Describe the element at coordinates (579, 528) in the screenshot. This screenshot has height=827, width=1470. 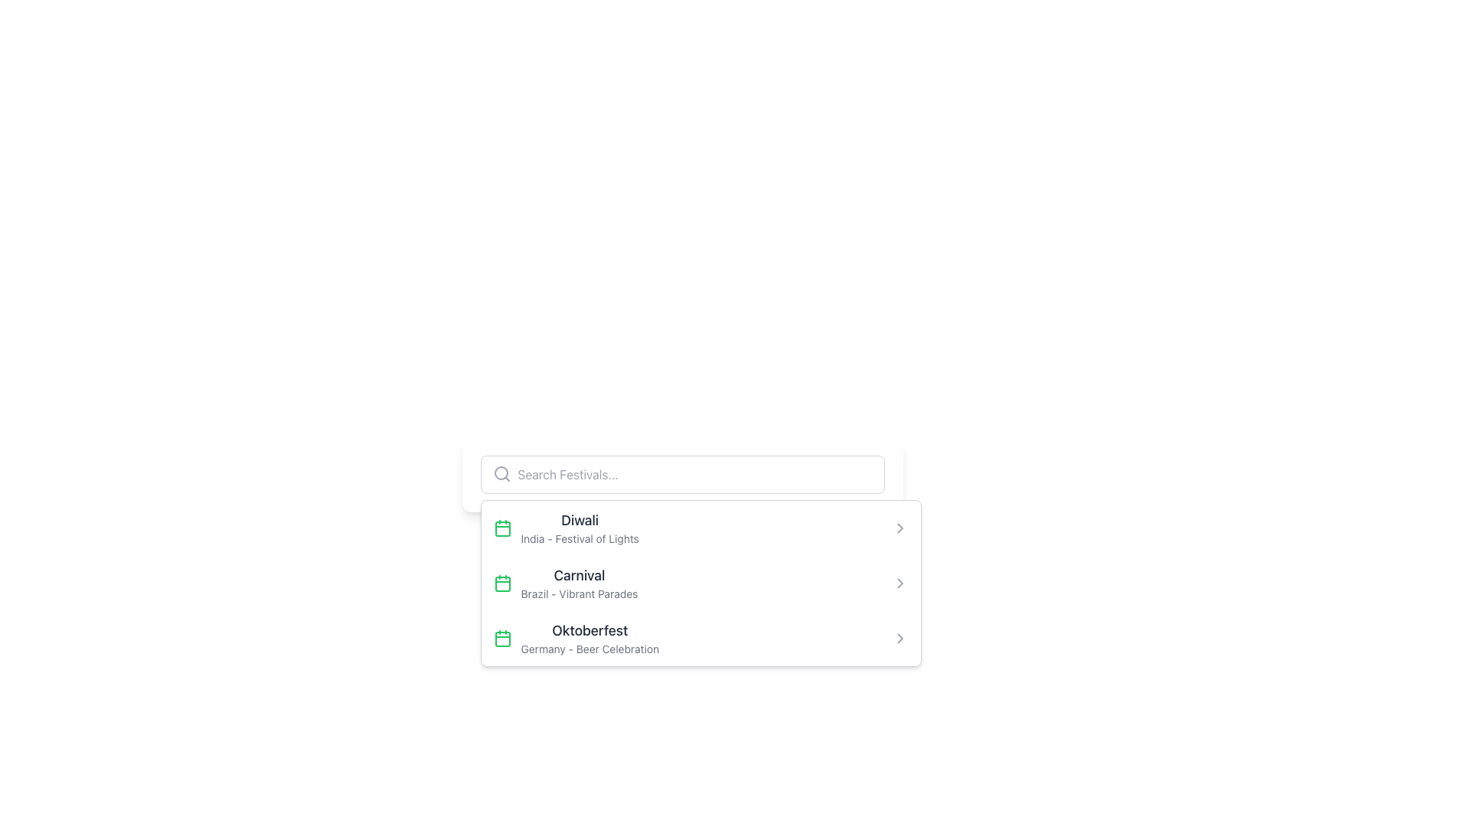
I see `the static text component that serves as a descriptive label for the 'Diwali' festival, positioned in the second item of a vertically arranged list` at that location.